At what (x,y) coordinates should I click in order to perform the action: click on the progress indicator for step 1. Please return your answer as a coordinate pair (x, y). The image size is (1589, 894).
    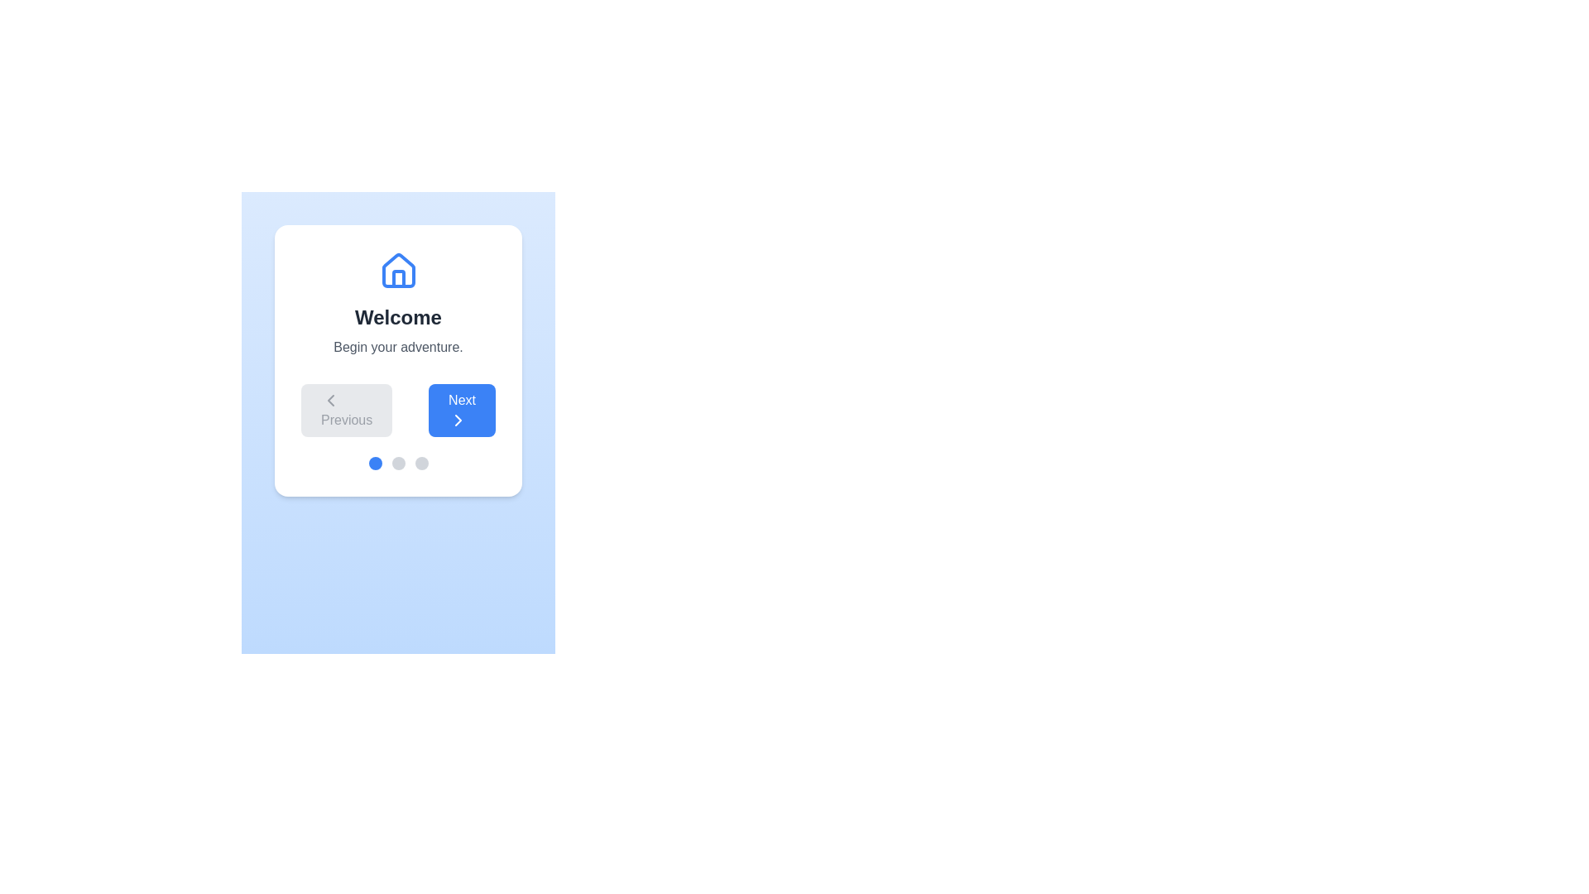
    Looking at the image, I should click on (374, 463).